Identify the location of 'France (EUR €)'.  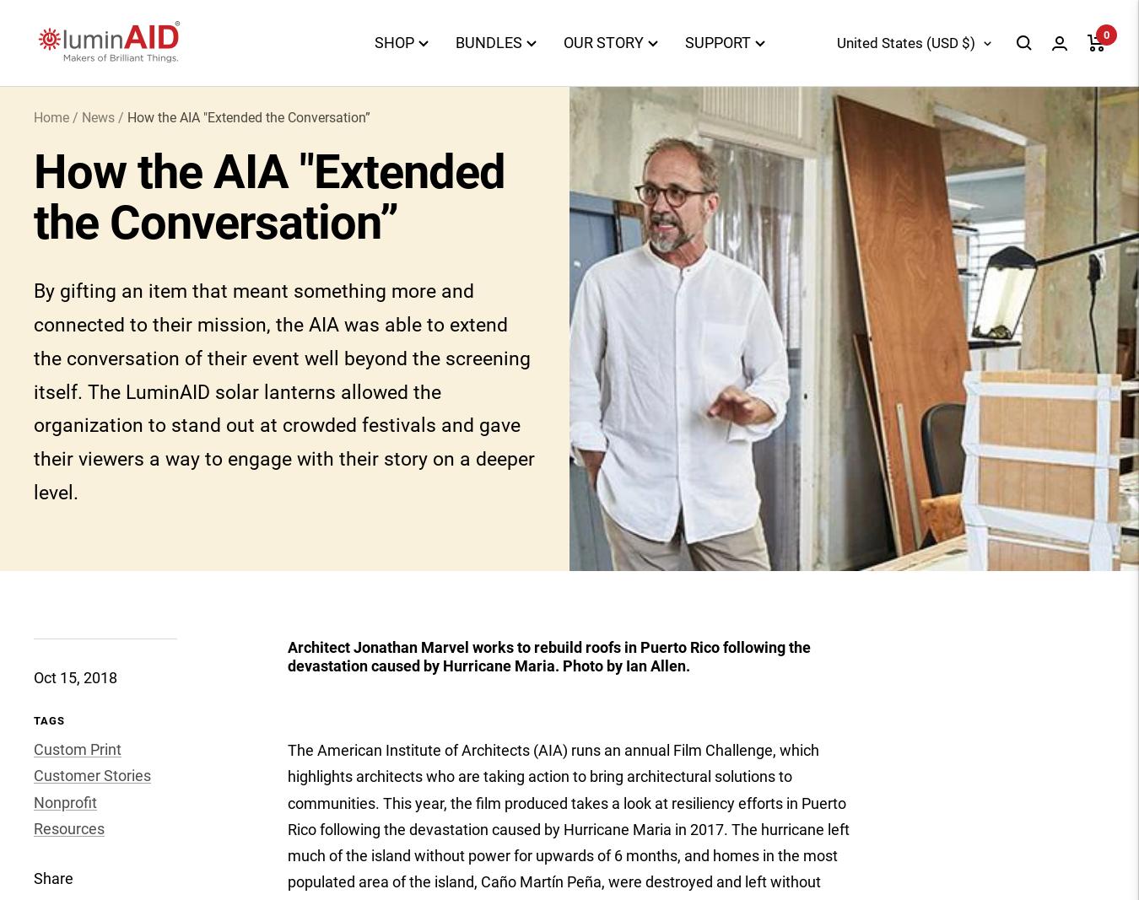
(769, 716).